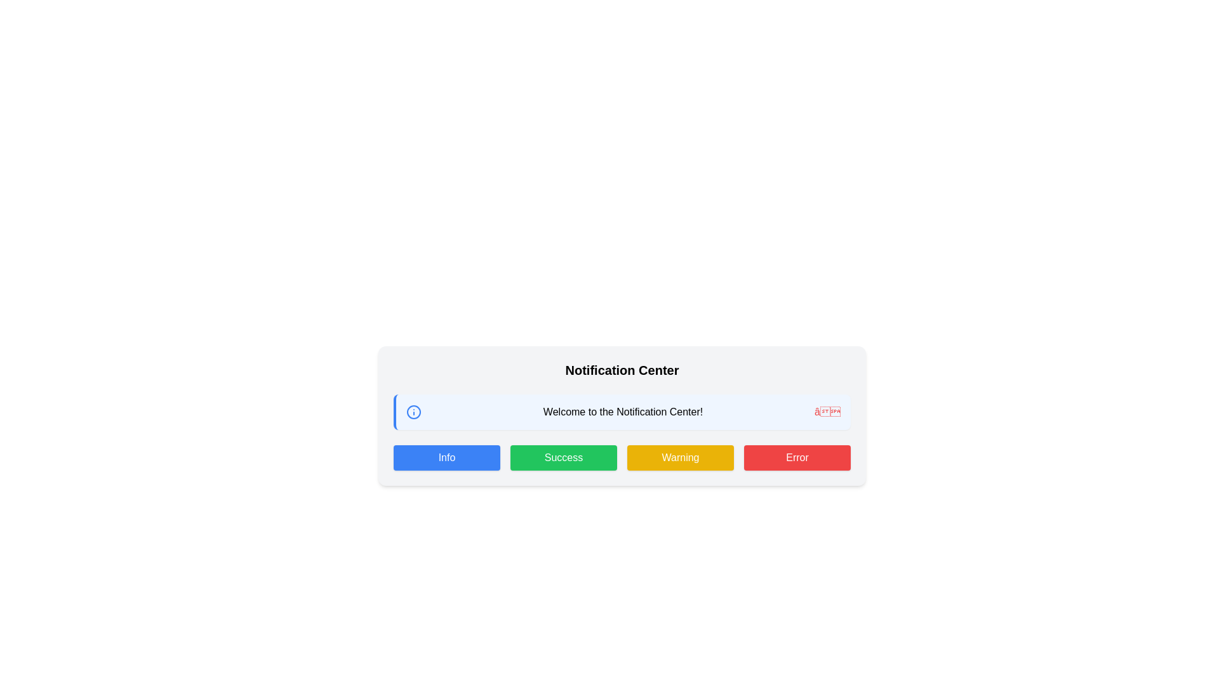 This screenshot has width=1219, height=685. I want to click on the green 'Success' button with white text to observe its hover effects, so click(563, 457).